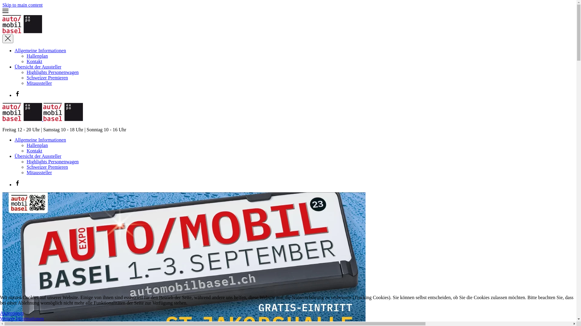 The image size is (581, 326). What do you see at coordinates (37, 56) in the screenshot?
I see `'Hallenplan'` at bounding box center [37, 56].